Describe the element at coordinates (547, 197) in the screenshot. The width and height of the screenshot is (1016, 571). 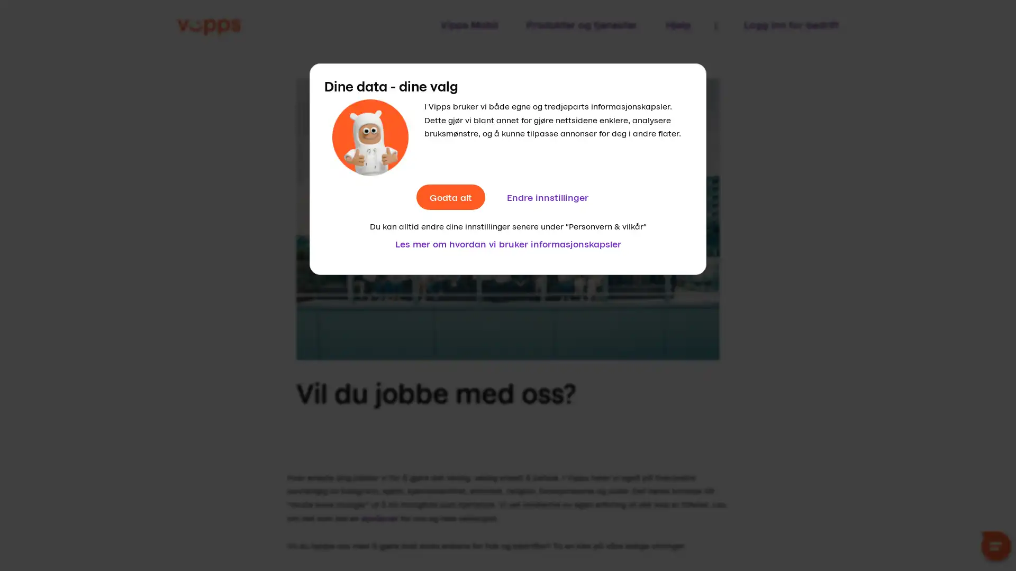
I see `Endre innstillinger` at that location.